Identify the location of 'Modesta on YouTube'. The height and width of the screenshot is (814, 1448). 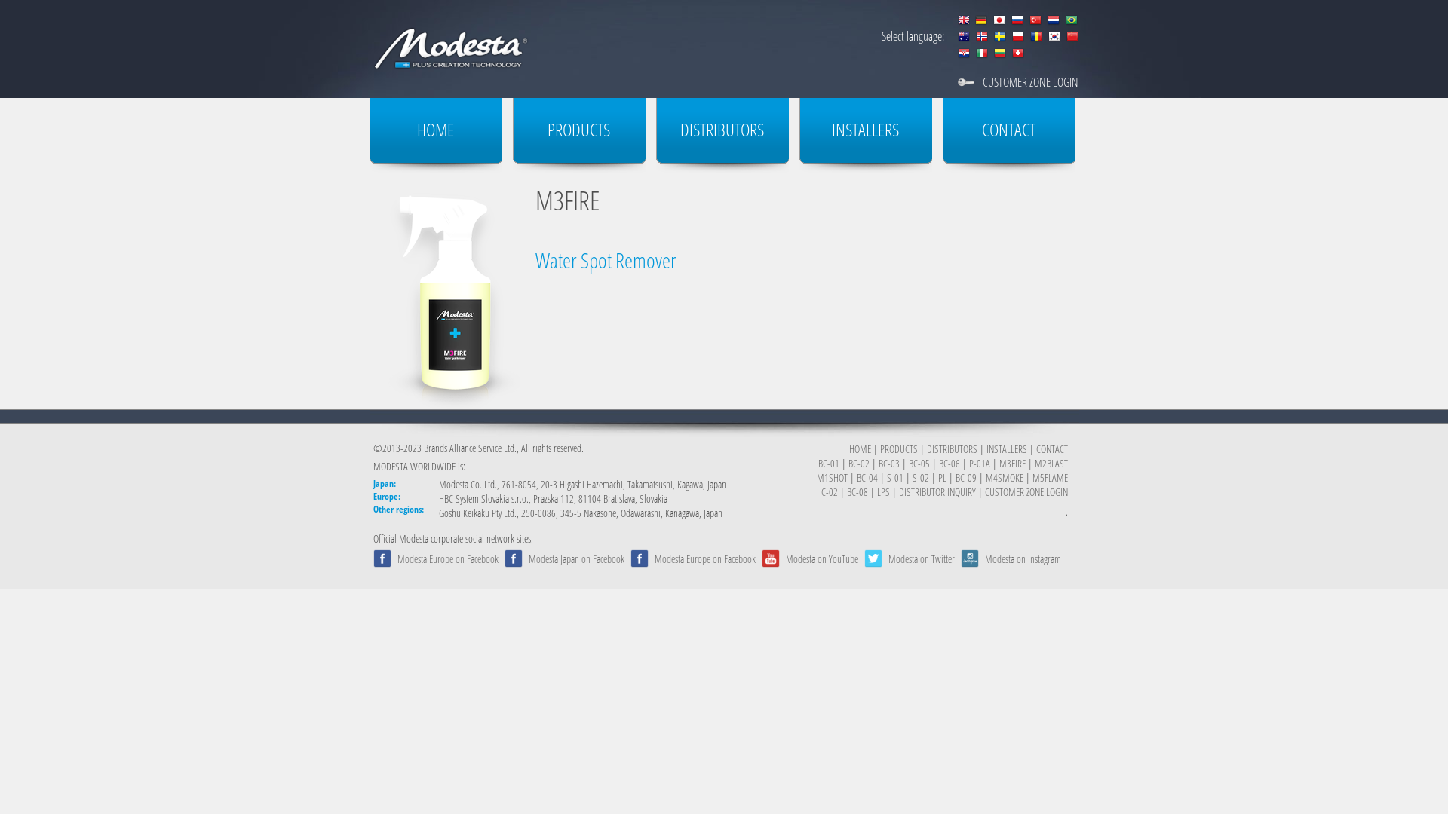
(821, 558).